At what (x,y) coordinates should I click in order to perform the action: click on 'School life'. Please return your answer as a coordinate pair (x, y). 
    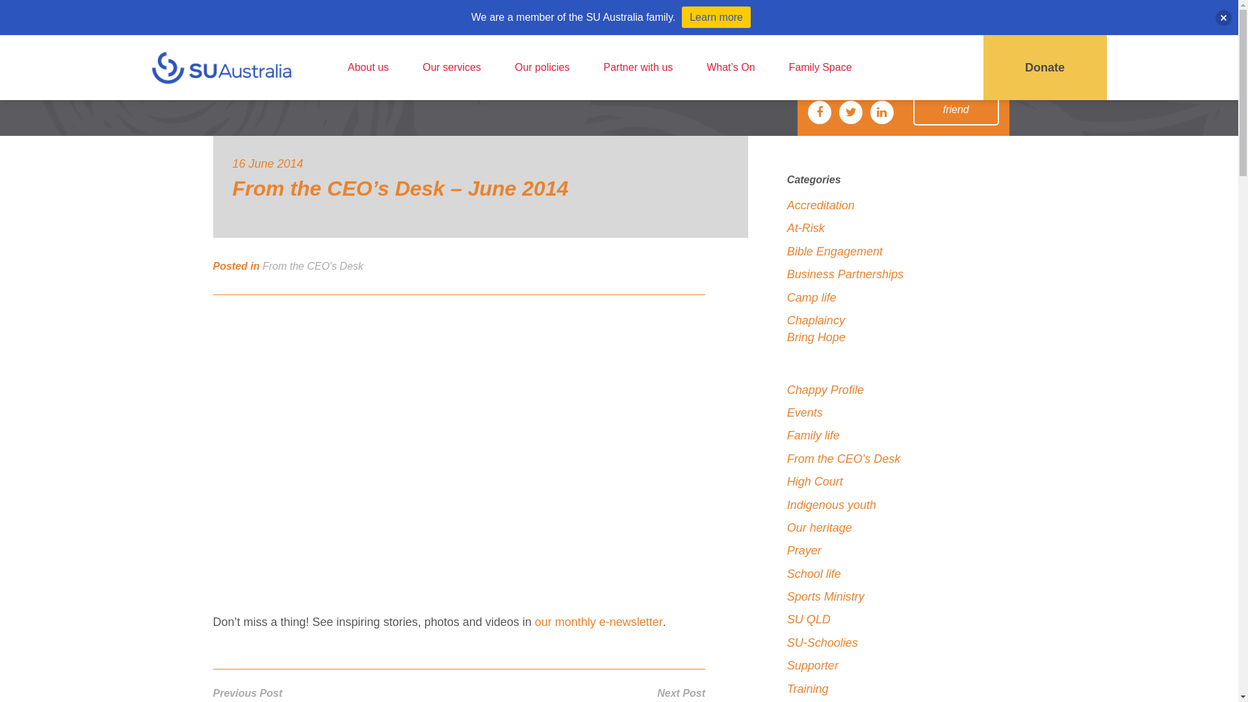
    Looking at the image, I should click on (813, 573).